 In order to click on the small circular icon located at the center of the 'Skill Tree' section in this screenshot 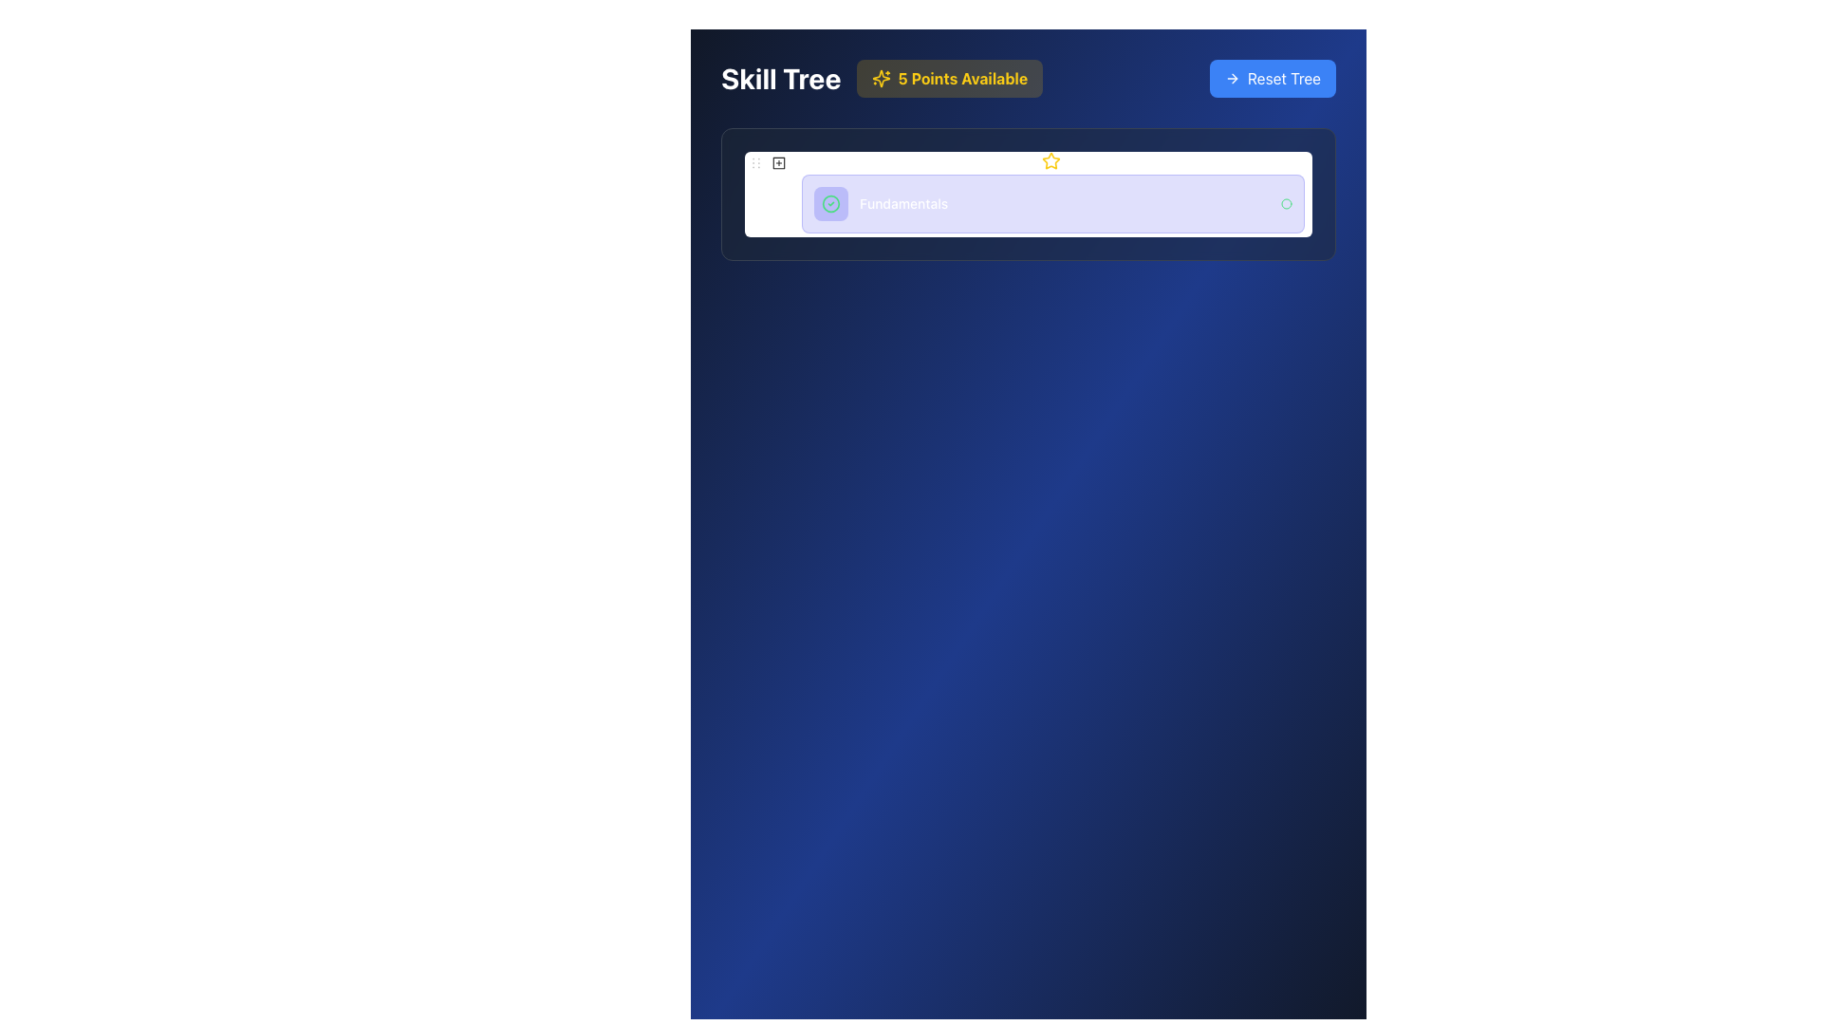, I will do `click(754, 161)`.